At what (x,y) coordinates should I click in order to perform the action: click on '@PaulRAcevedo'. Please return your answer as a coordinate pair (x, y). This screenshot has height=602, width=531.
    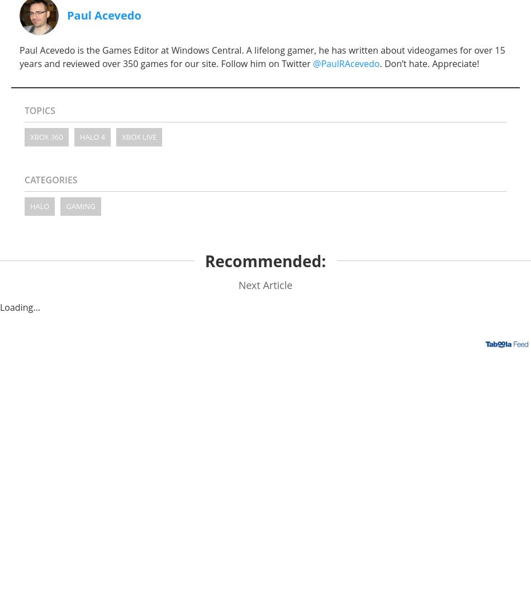
    Looking at the image, I should click on (346, 62).